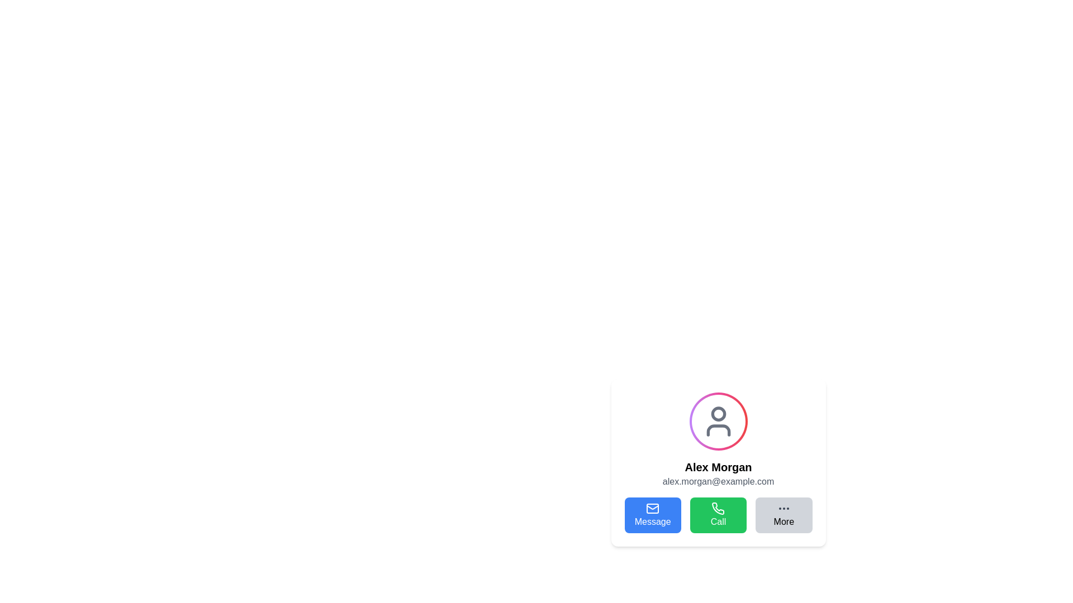  Describe the element at coordinates (718, 508) in the screenshot. I see `the green phone icon inside the 'Call' button to initiate a call action` at that location.